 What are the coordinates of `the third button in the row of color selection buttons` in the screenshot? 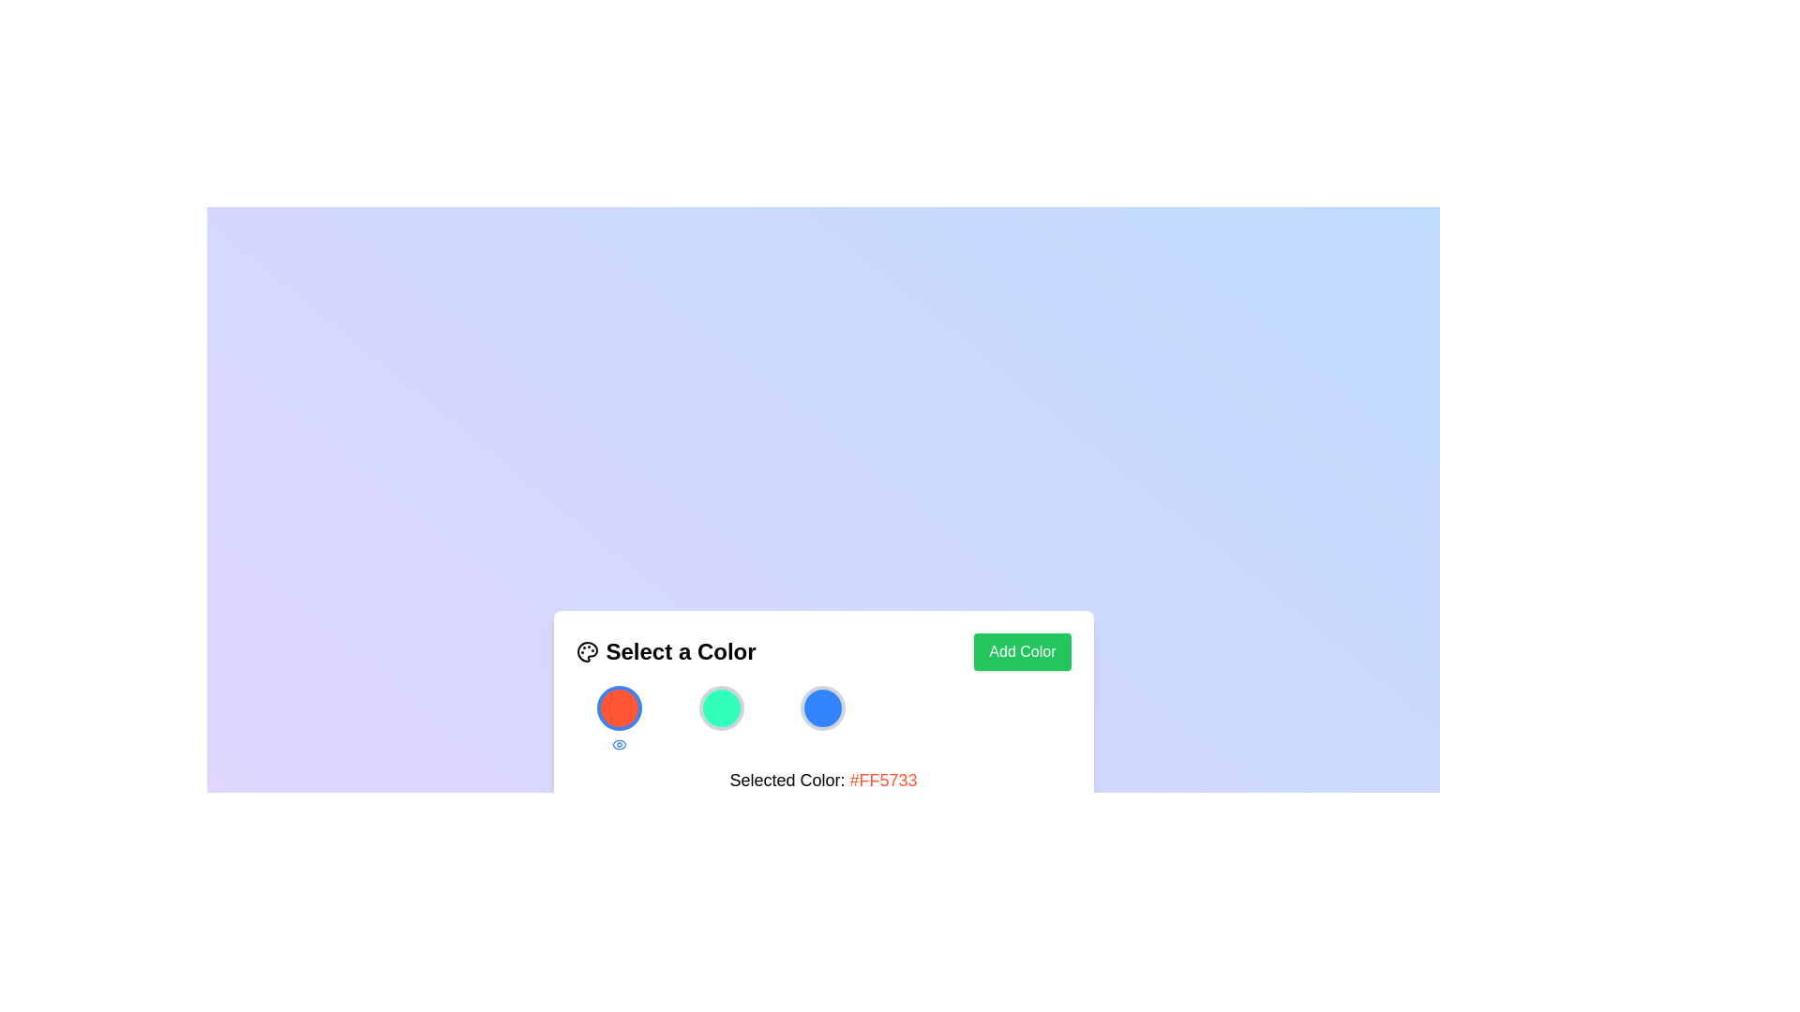 It's located at (823, 707).